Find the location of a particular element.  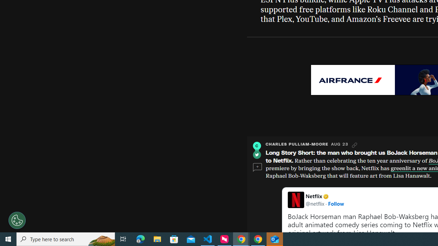

'Verified account' is located at coordinates (325, 196).